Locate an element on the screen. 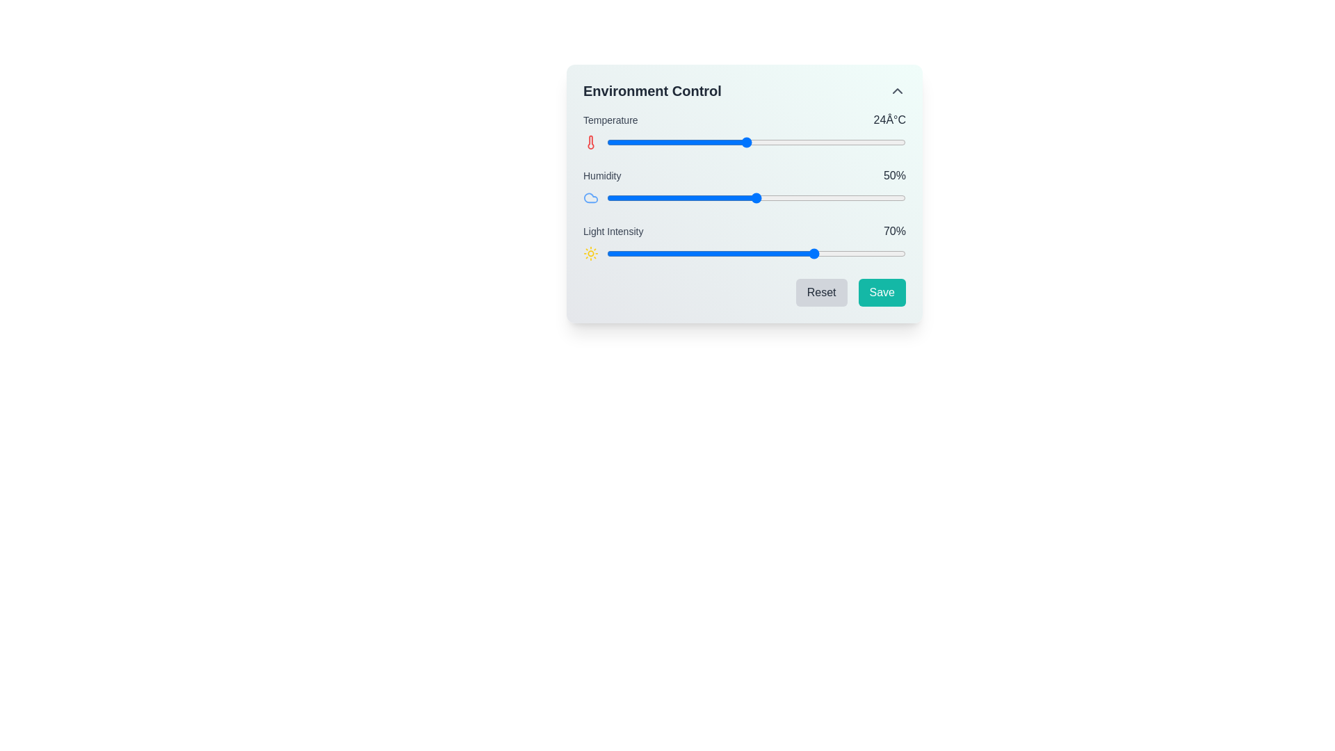 Image resolution: width=1335 pixels, height=751 pixels. to interact with the 'Humidity' slider control, which is visually identifiable by the text labels 'Humidity' on the left and '50%' on the right, positioned in the center of a card interface is located at coordinates (743, 186).